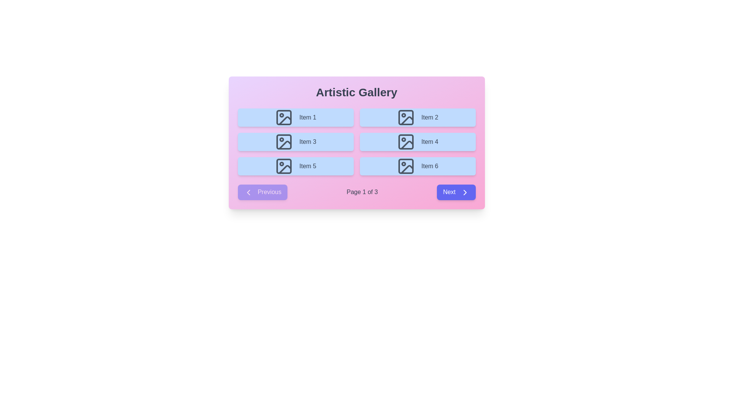 The image size is (732, 411). I want to click on the Rectangular SVG shape with rounded corners representing 'Item 4' in the second row and second column of the 2x3 grid layout within the 'Artistic Gallery', so click(406, 142).